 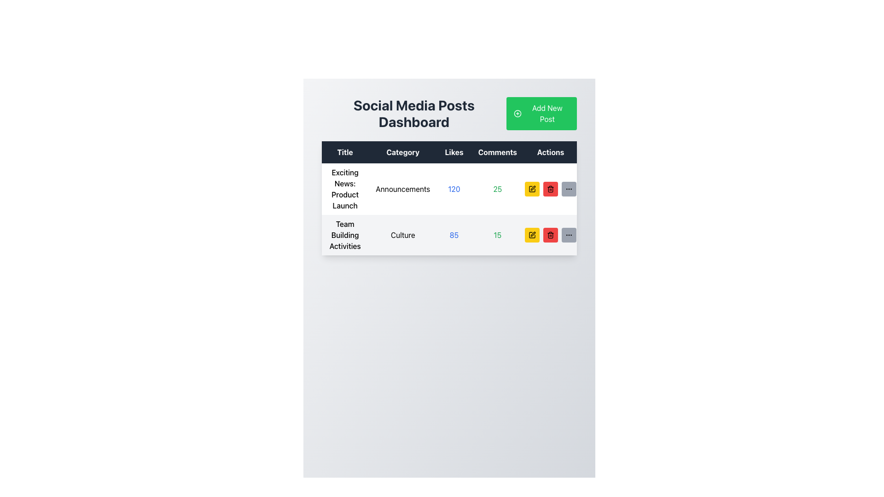 What do you see at coordinates (344, 234) in the screenshot?
I see `the text label 'Team Building Activities' which is prominently displayed in the leftmost column of the second row of a table` at bounding box center [344, 234].